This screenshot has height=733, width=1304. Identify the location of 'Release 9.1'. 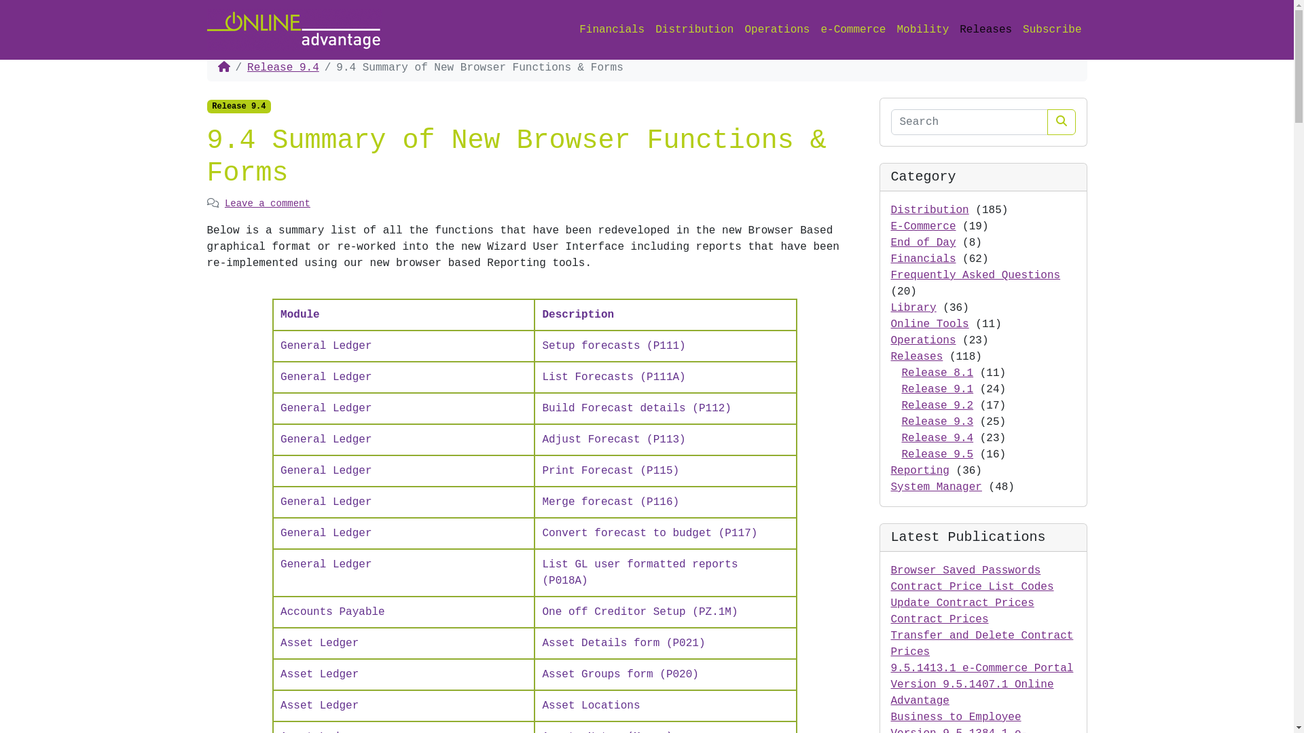
(937, 390).